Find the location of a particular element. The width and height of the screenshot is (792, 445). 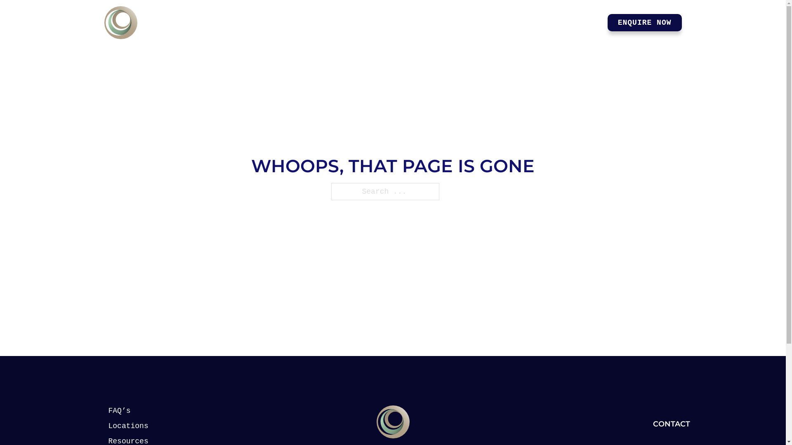

'Locations' is located at coordinates (137, 426).